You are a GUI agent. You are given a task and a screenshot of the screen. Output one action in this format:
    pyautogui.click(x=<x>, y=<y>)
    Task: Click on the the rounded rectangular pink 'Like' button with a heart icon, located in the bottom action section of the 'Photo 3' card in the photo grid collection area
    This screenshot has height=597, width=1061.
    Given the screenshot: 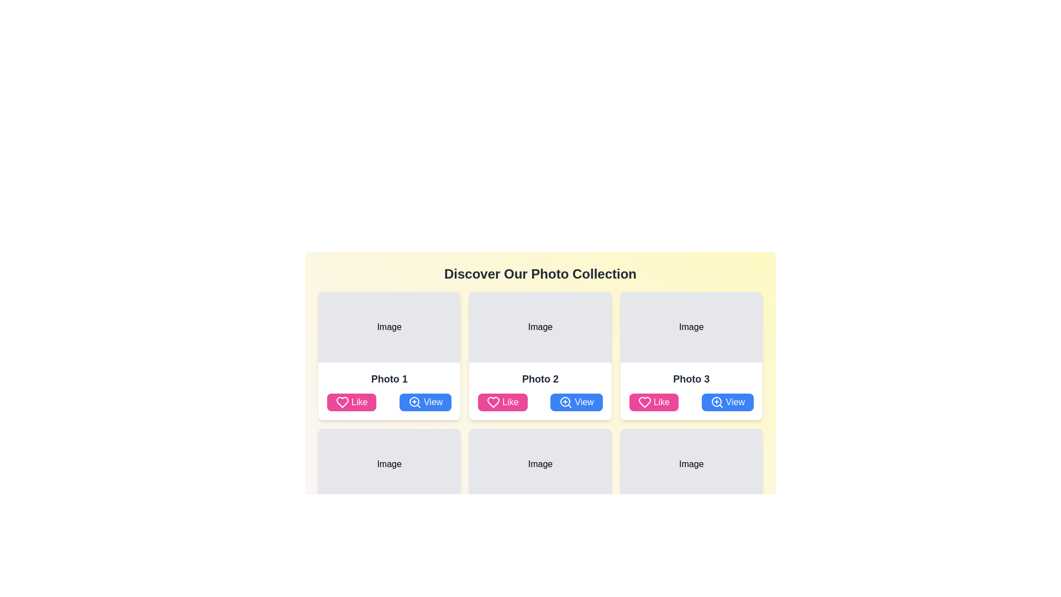 What is the action you would take?
    pyautogui.click(x=654, y=402)
    